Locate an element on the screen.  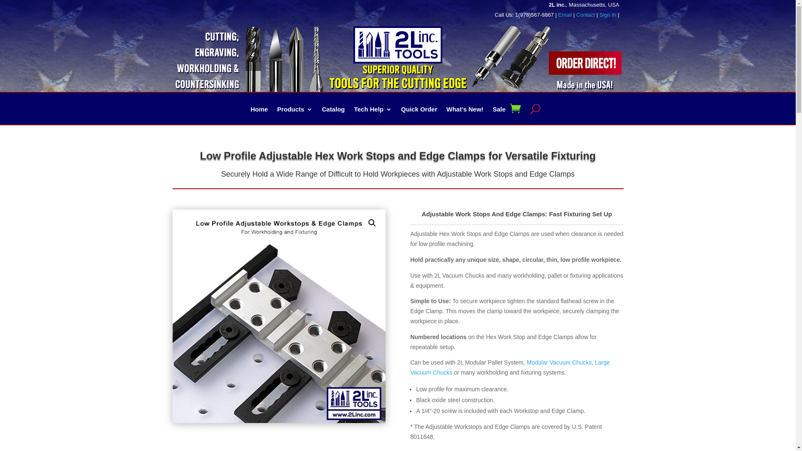
'2L inc. www.2Linc.com' is located at coordinates (353, 45).